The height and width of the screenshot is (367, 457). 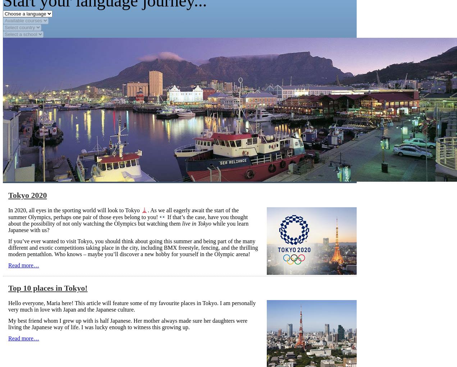 What do you see at coordinates (131, 306) in the screenshot?
I see `'Hello everyone, Maria here! This article will feature some of my favourite places in Tokyo. I am personally very much in love with Japan and the Japanese culture.'` at bounding box center [131, 306].